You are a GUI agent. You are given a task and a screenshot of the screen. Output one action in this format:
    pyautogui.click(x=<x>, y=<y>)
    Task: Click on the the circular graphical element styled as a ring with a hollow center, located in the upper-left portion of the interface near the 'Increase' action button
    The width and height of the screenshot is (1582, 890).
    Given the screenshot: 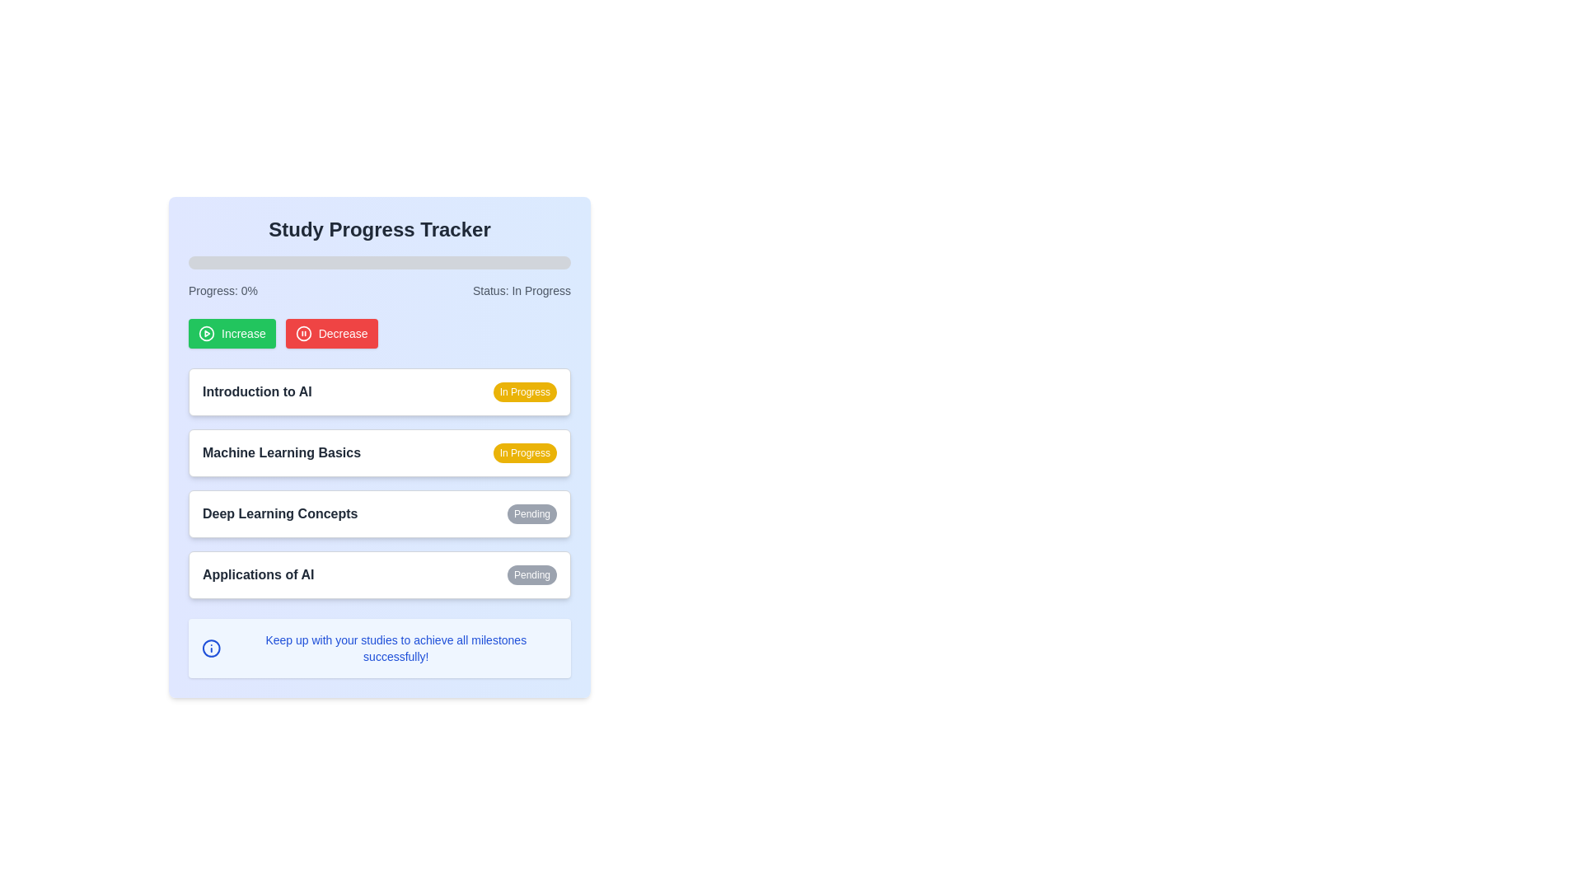 What is the action you would take?
    pyautogui.click(x=205, y=334)
    